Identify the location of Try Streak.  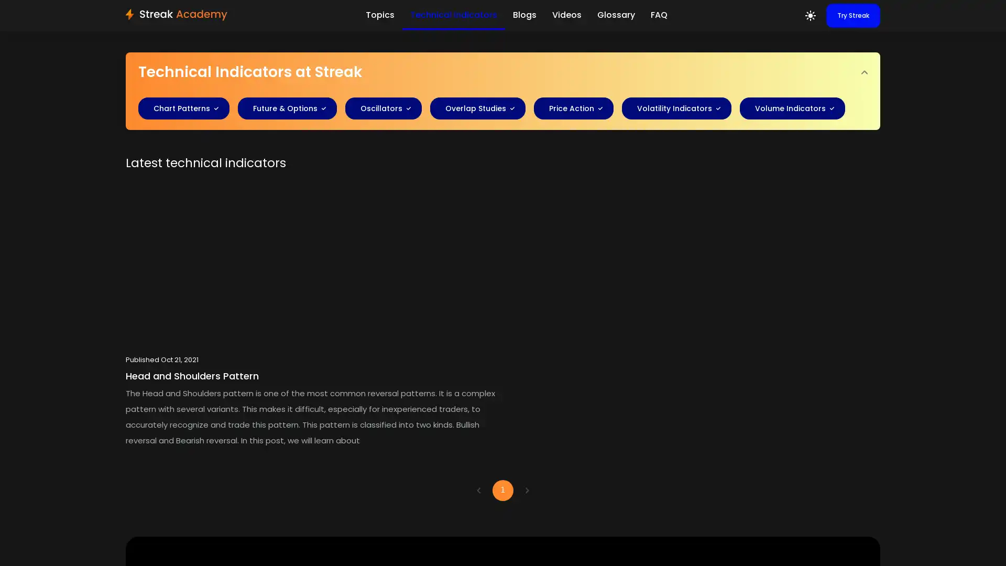
(853, 16).